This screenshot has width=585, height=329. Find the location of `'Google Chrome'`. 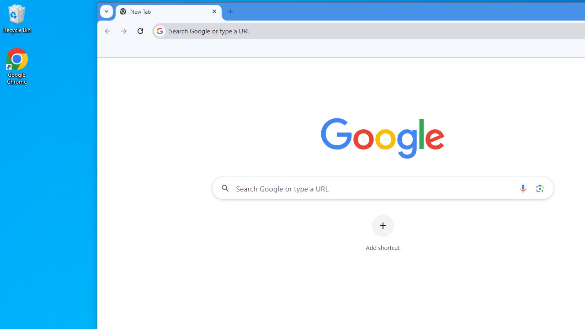

'Google Chrome' is located at coordinates (17, 66).